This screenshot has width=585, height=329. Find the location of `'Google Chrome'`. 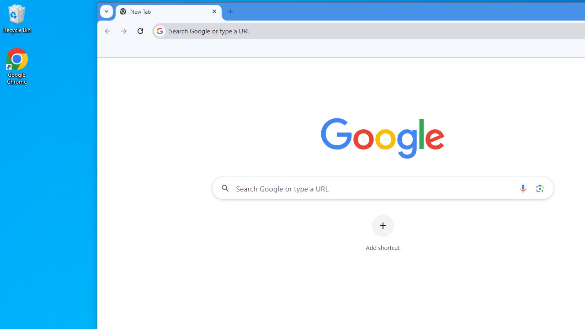

'Google Chrome' is located at coordinates (17, 66).